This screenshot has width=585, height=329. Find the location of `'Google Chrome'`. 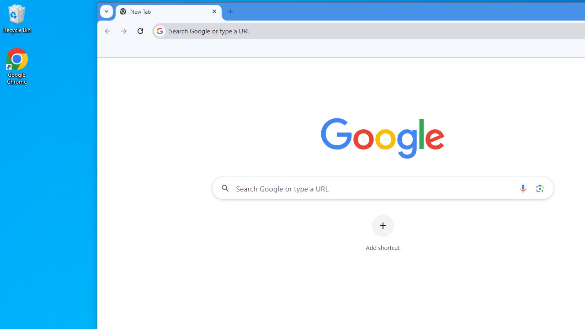

'Google Chrome' is located at coordinates (17, 66).